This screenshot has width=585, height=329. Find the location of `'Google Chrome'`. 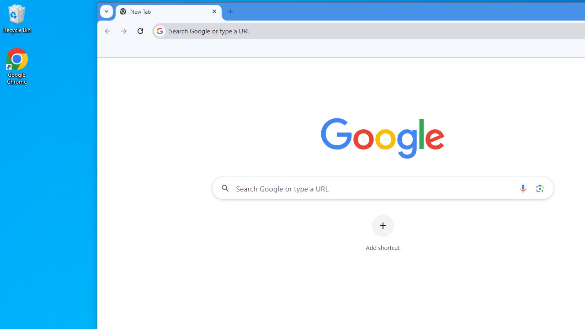

'Google Chrome' is located at coordinates (17, 66).